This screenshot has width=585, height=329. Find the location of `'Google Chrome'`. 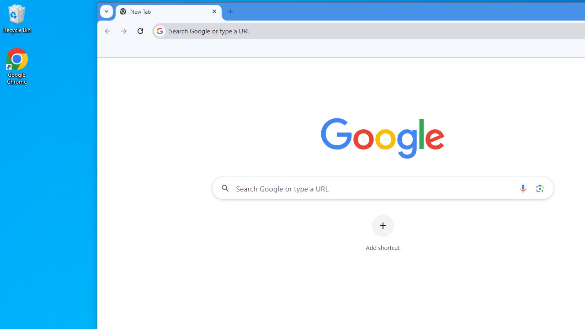

'Google Chrome' is located at coordinates (17, 66).